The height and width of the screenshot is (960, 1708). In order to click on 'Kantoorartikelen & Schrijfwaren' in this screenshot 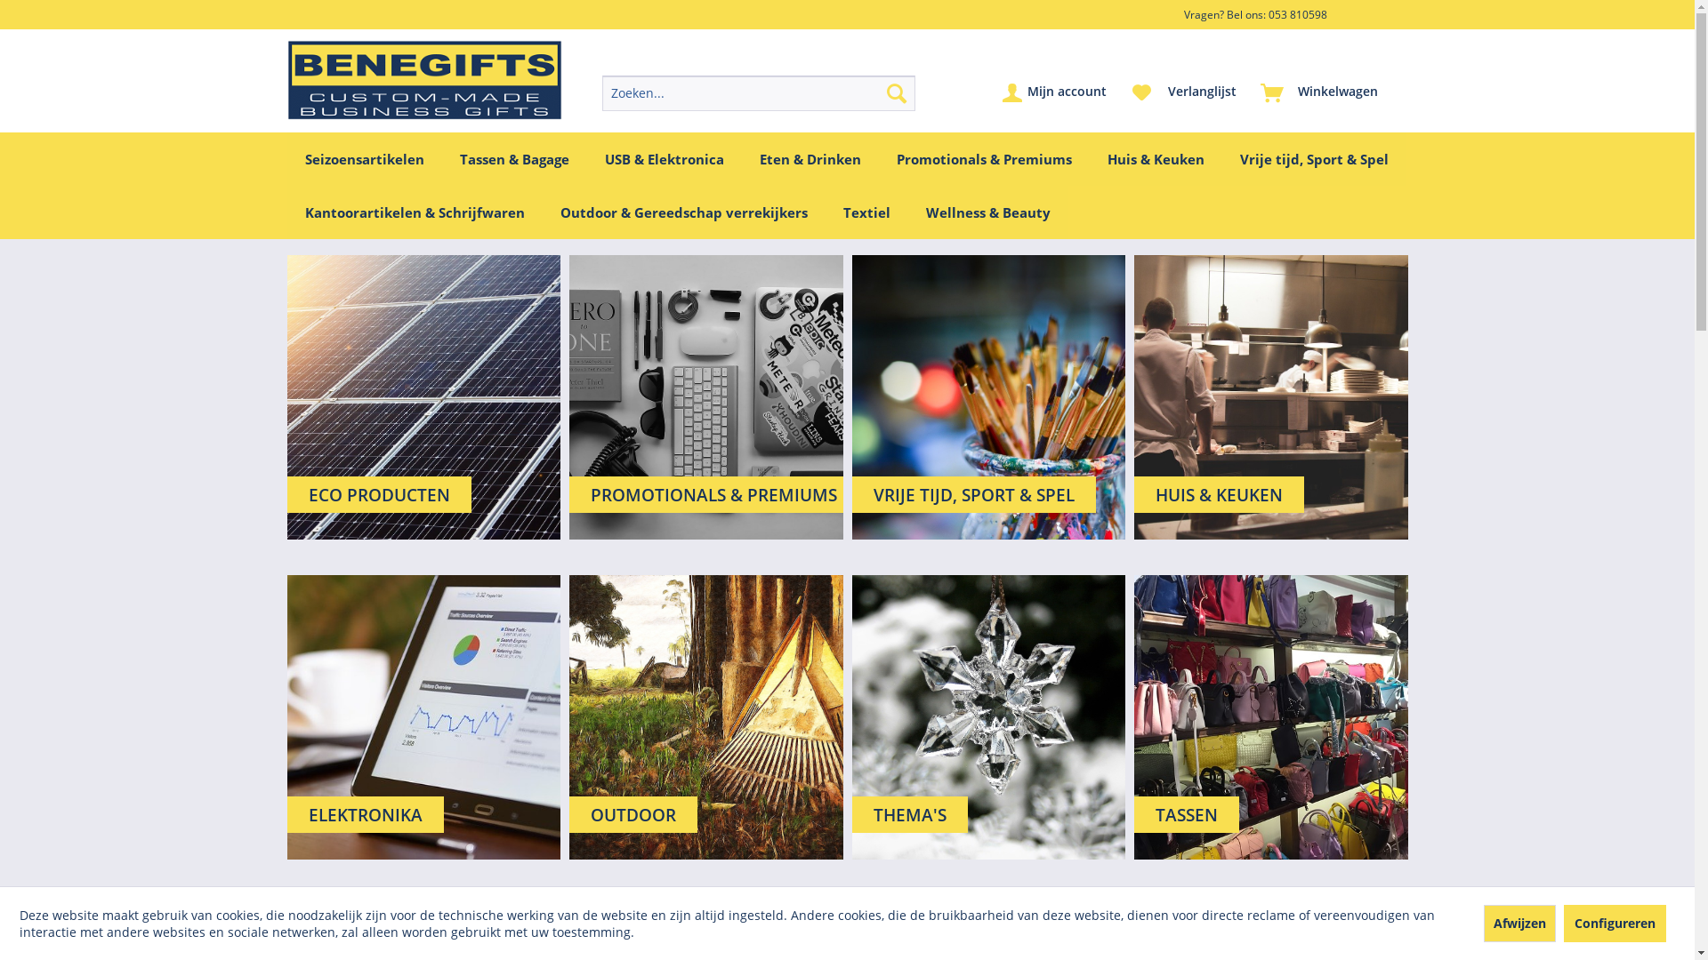, I will do `click(413, 212)`.